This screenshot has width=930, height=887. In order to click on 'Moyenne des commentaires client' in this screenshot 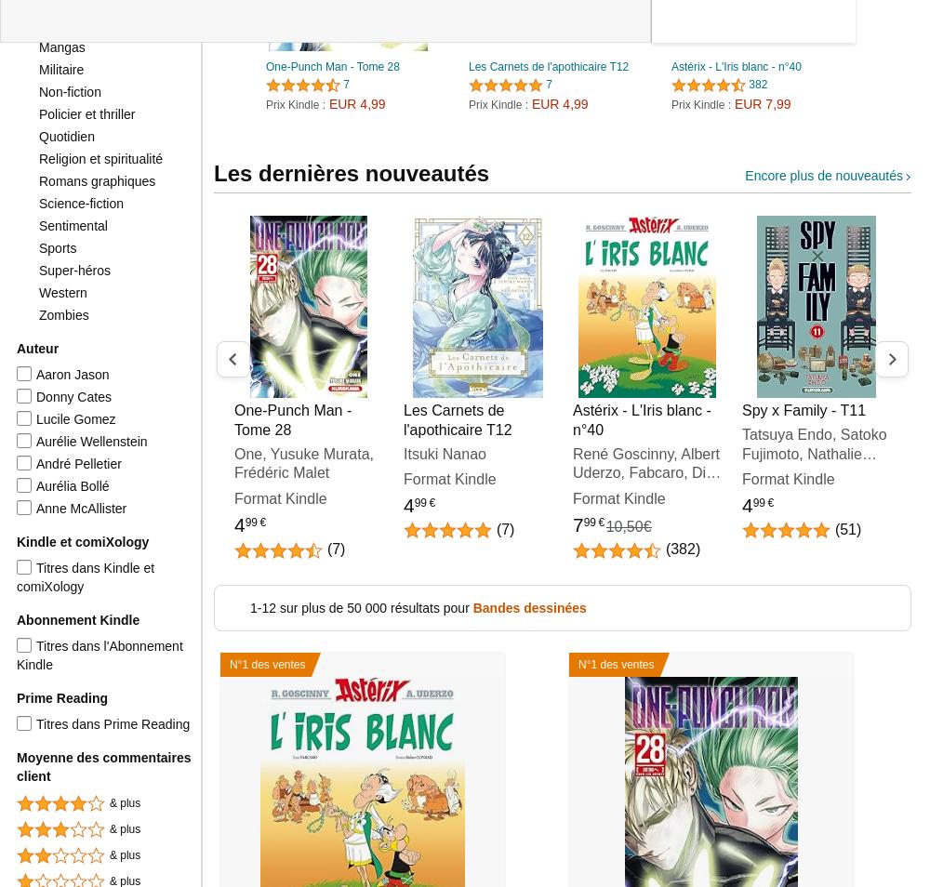, I will do `click(102, 767)`.